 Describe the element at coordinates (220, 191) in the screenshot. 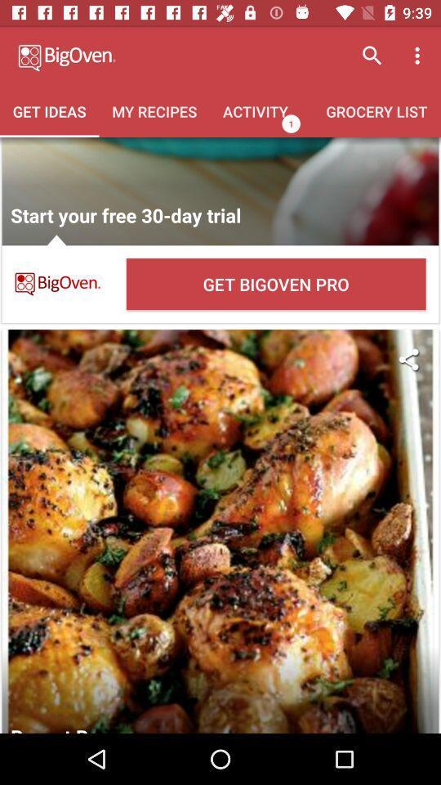

I see `start your free 30-day trial by clicking here` at that location.